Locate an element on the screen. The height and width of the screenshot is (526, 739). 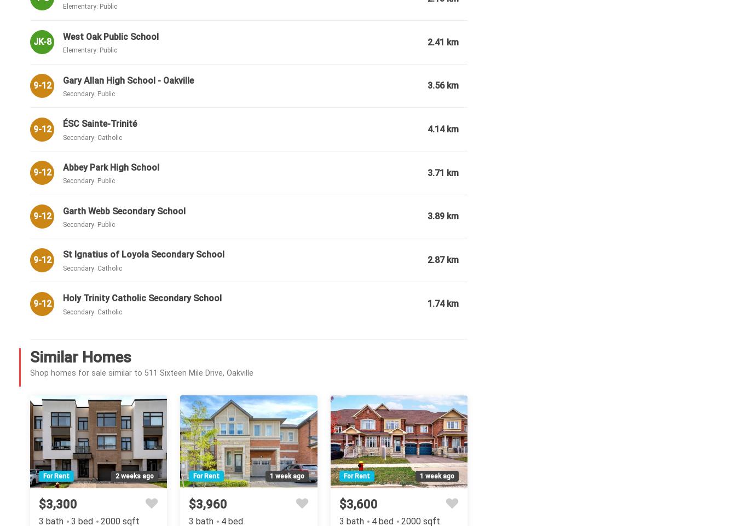
'Hardwood Floor, Gas Fireplace, Open Concept' is located at coordinates (293, 327).